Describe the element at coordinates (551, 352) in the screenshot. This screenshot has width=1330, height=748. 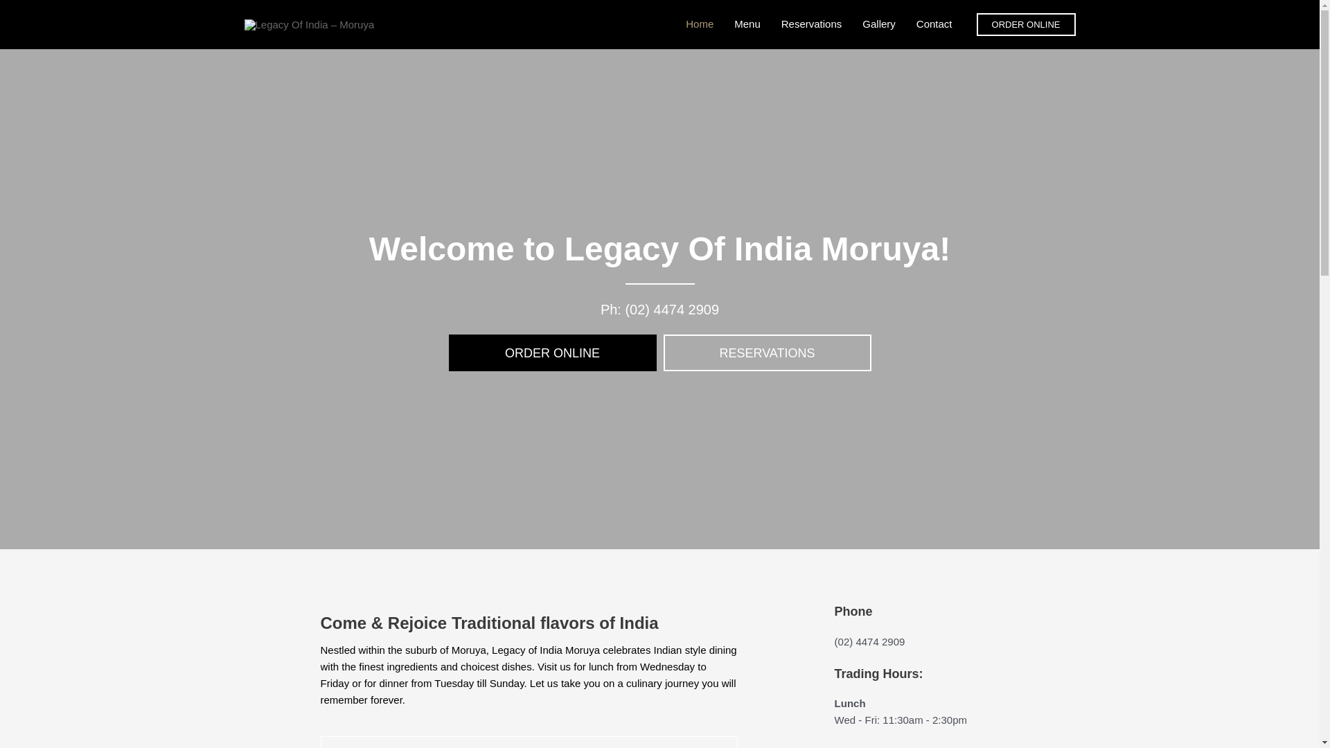
I see `'ORDER ONLINE'` at that location.